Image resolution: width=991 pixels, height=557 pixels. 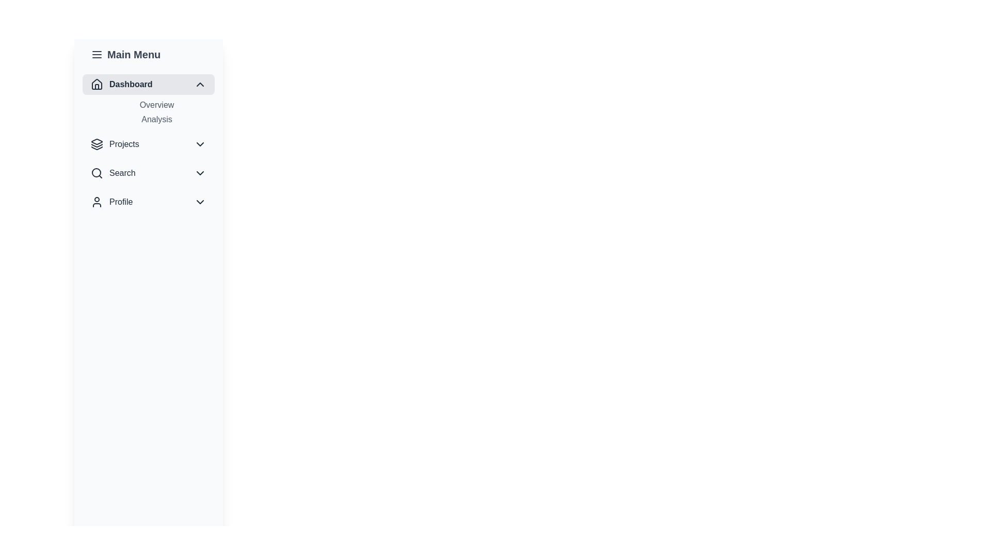 What do you see at coordinates (156, 105) in the screenshot?
I see `the 'Overview' text label in the left-side navigation menu under the 'Dashboard' heading` at bounding box center [156, 105].